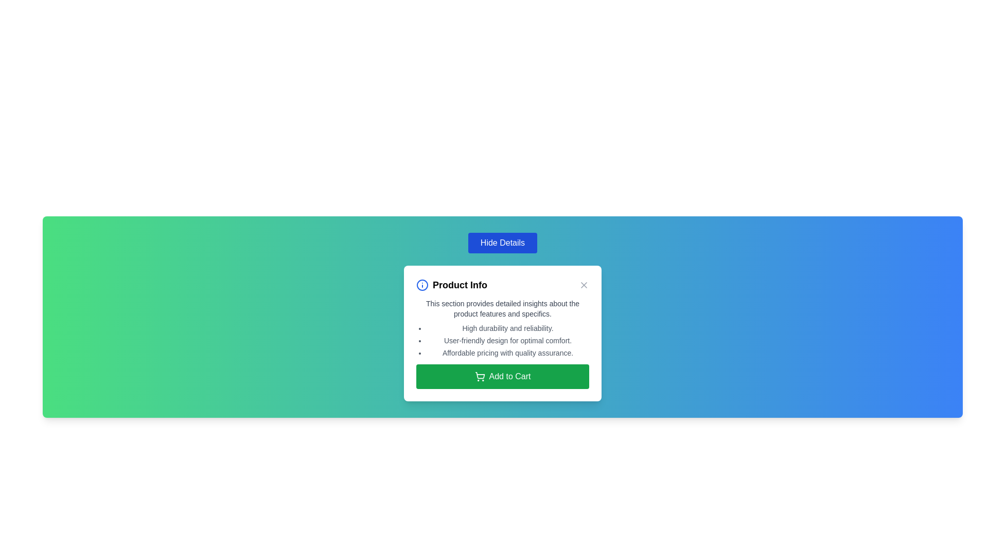 Image resolution: width=988 pixels, height=555 pixels. What do you see at coordinates (584, 285) in the screenshot?
I see `the close button located in the top-right corner of the 'Product Info' section` at bounding box center [584, 285].